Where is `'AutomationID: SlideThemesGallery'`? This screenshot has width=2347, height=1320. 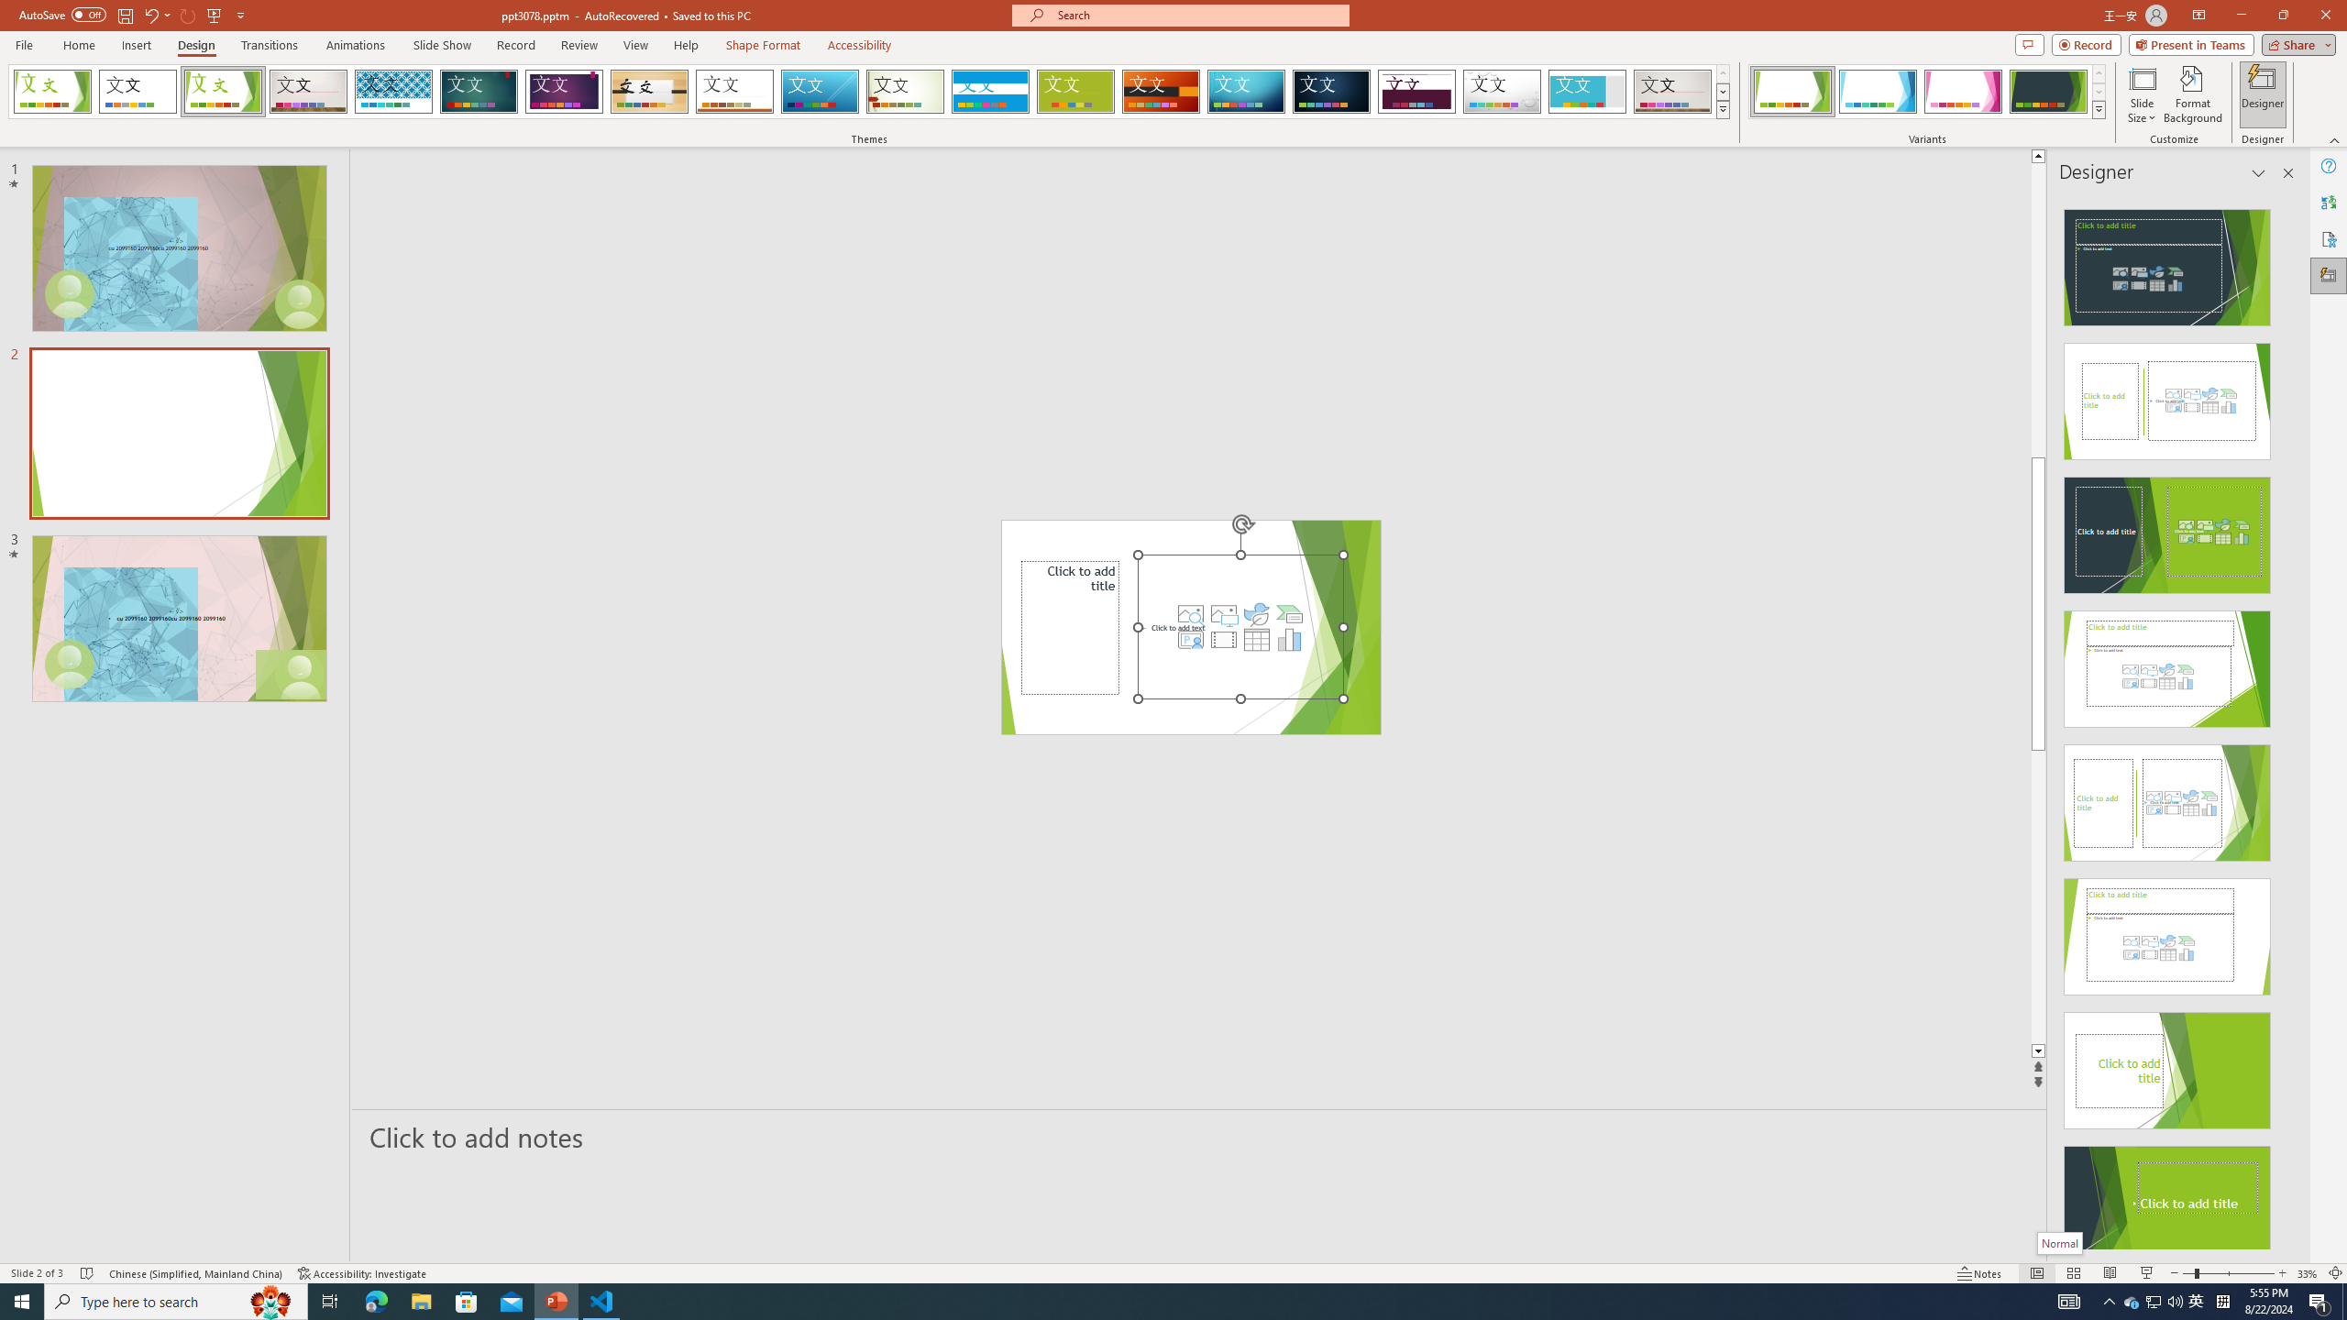
'AutomationID: SlideThemesGallery' is located at coordinates (868, 91).